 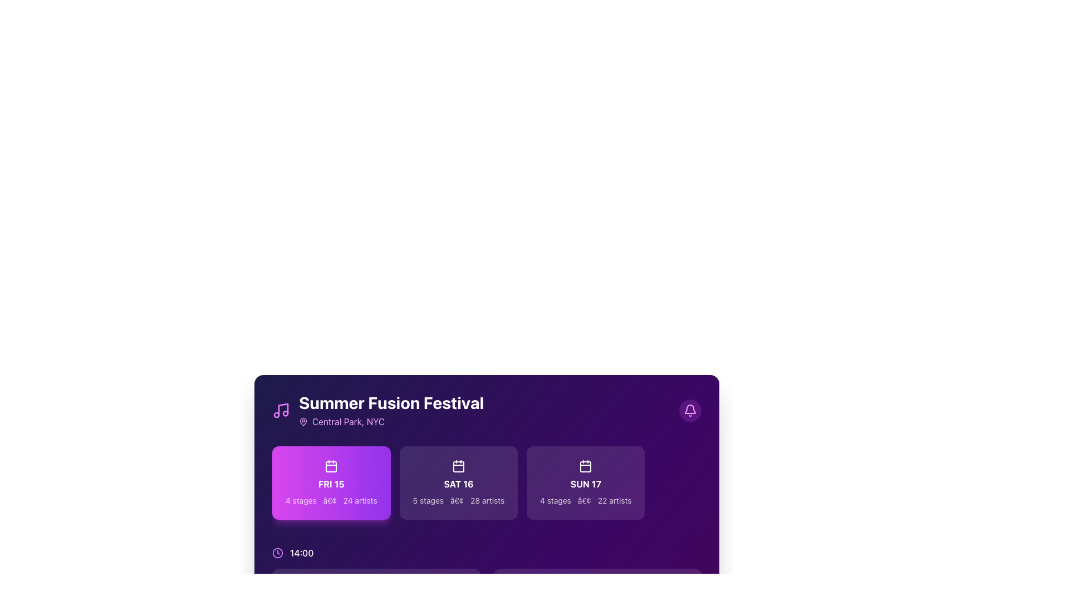 What do you see at coordinates (281, 410) in the screenshot?
I see `the decorative icon located in the top-left corner of the 'Summer Fusion Festival' card, adjacent to the heading` at bounding box center [281, 410].